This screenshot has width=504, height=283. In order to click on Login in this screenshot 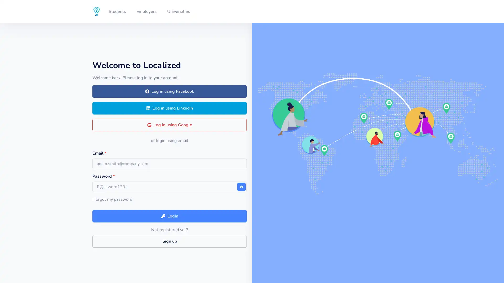, I will do `click(170, 216)`.